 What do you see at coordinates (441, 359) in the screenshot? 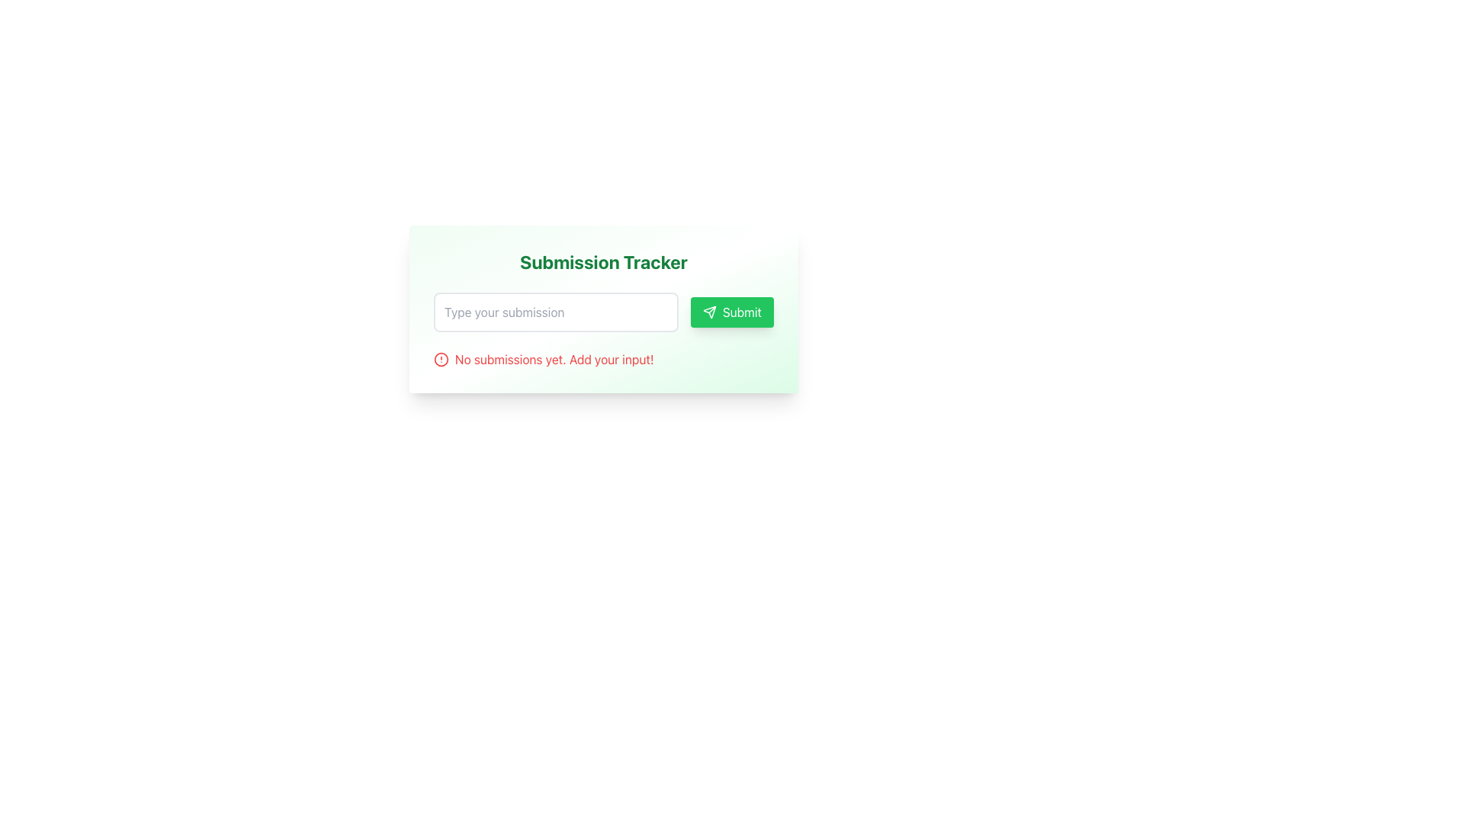
I see `the alert icon located to the left of the message 'No submissions yet. Add your input!' in the message panel` at bounding box center [441, 359].